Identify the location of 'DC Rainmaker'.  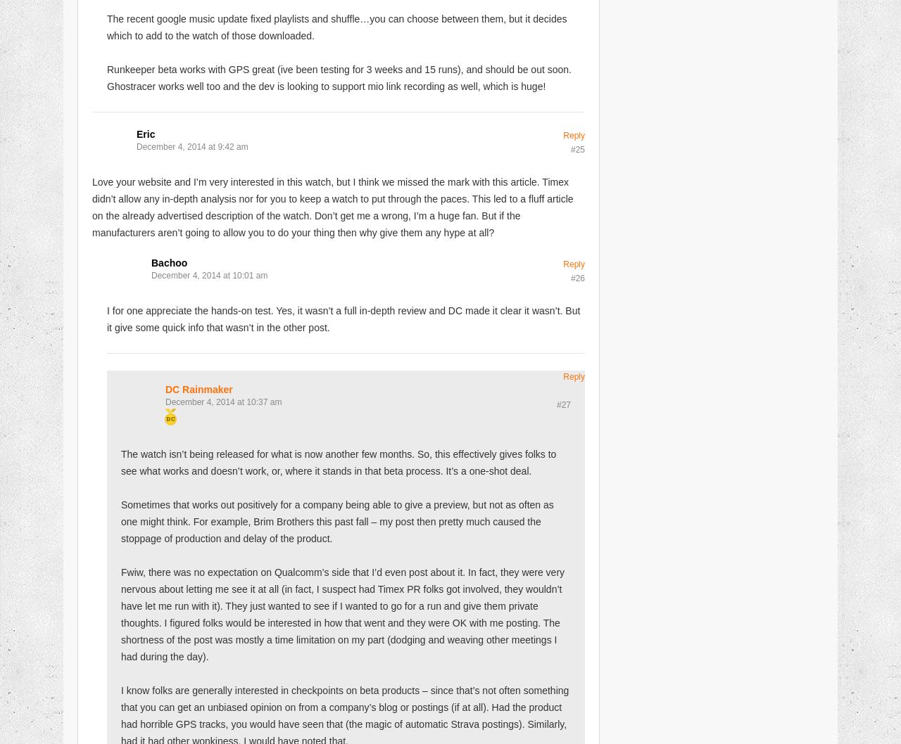
(198, 389).